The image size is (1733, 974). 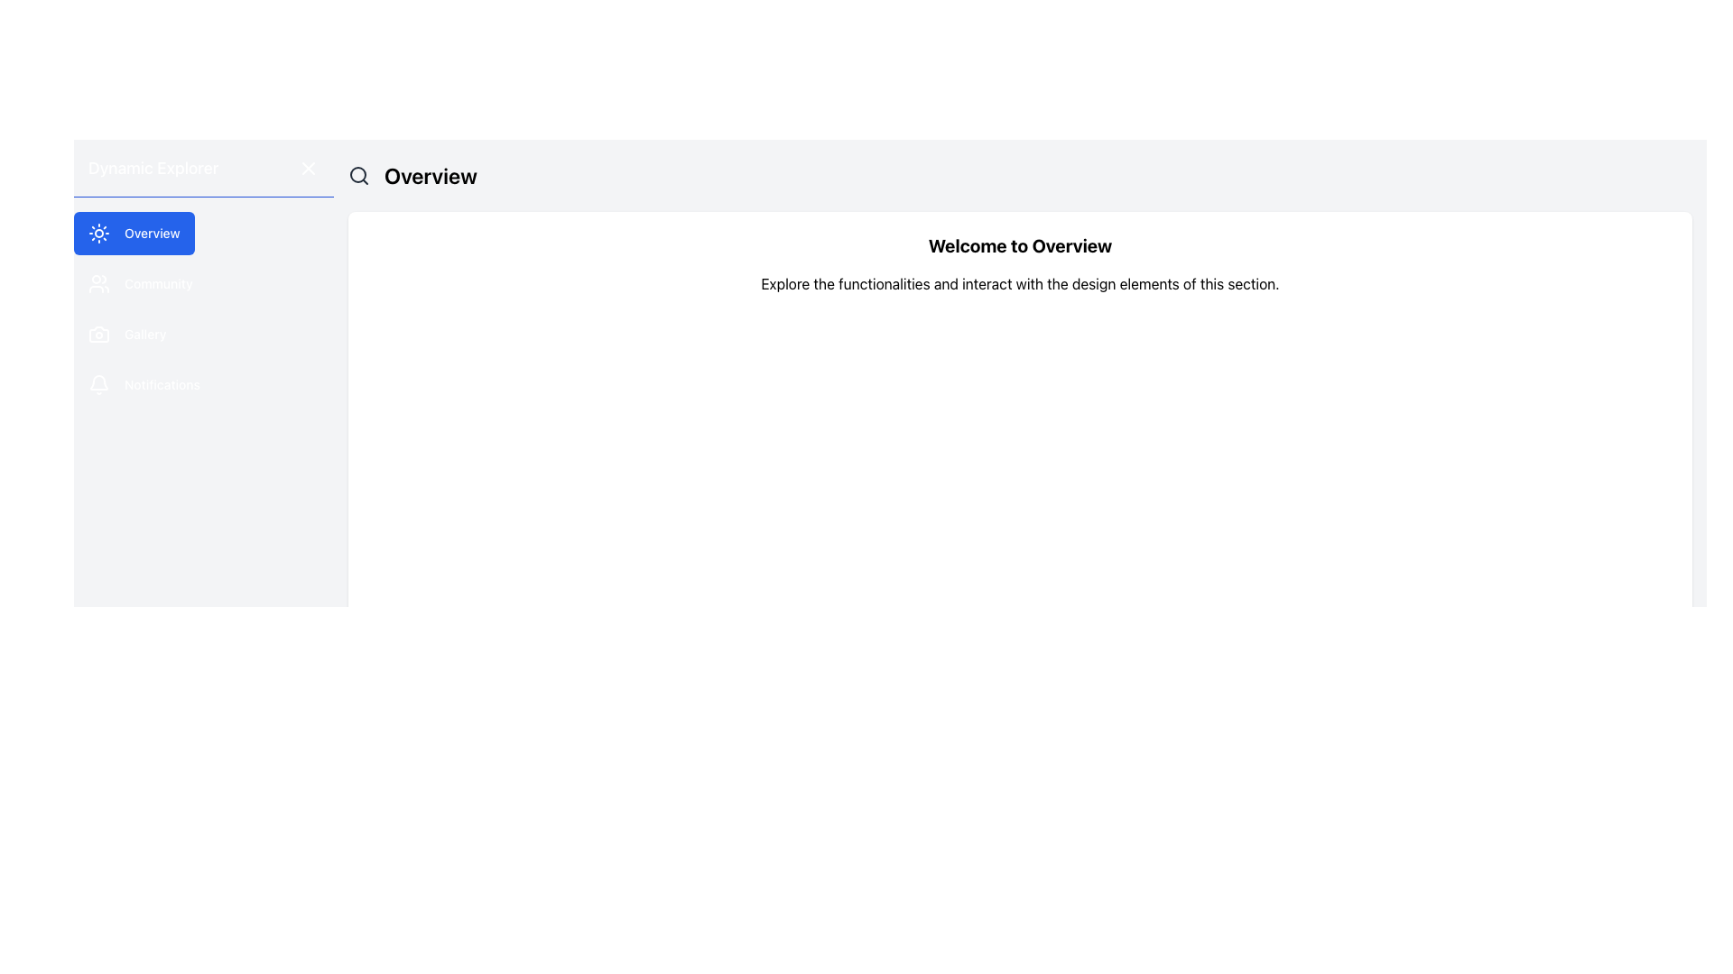 I want to click on the fourth navigation button in the vertical menu on the left side of the interface, so click(x=143, y=384).